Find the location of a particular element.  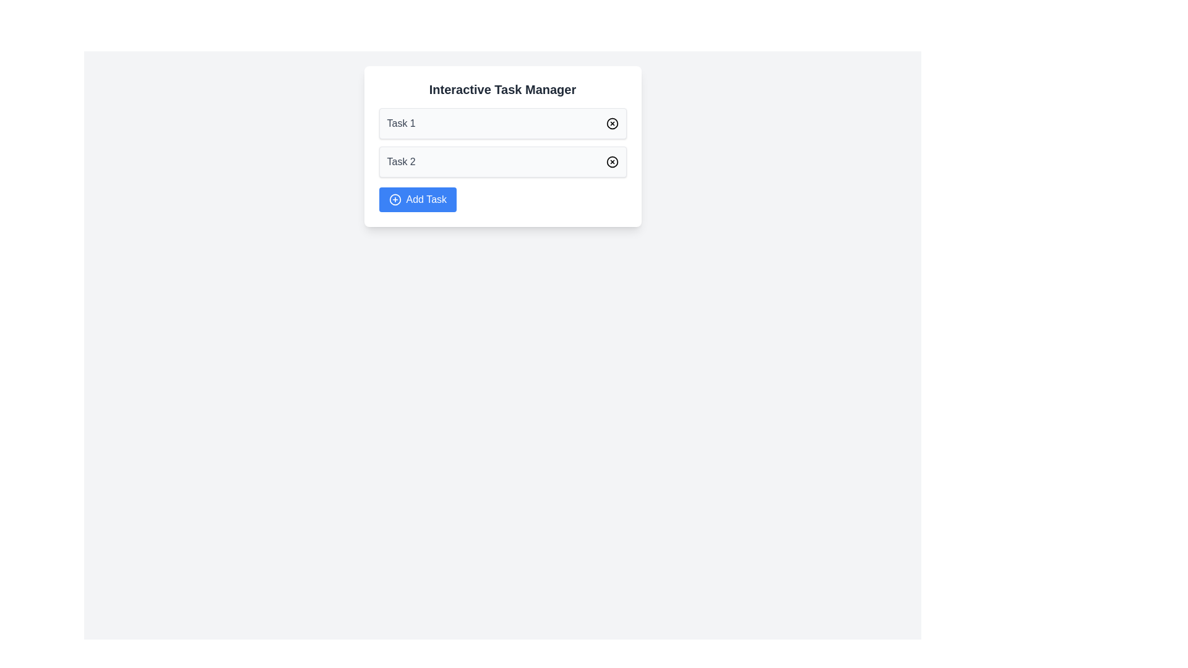

the Text Label that identifies 'Task 2', located within the card titled 'Interactive Task Manager', positioned under 'Task 1' and above the 'Add Task' button is located at coordinates (401, 161).